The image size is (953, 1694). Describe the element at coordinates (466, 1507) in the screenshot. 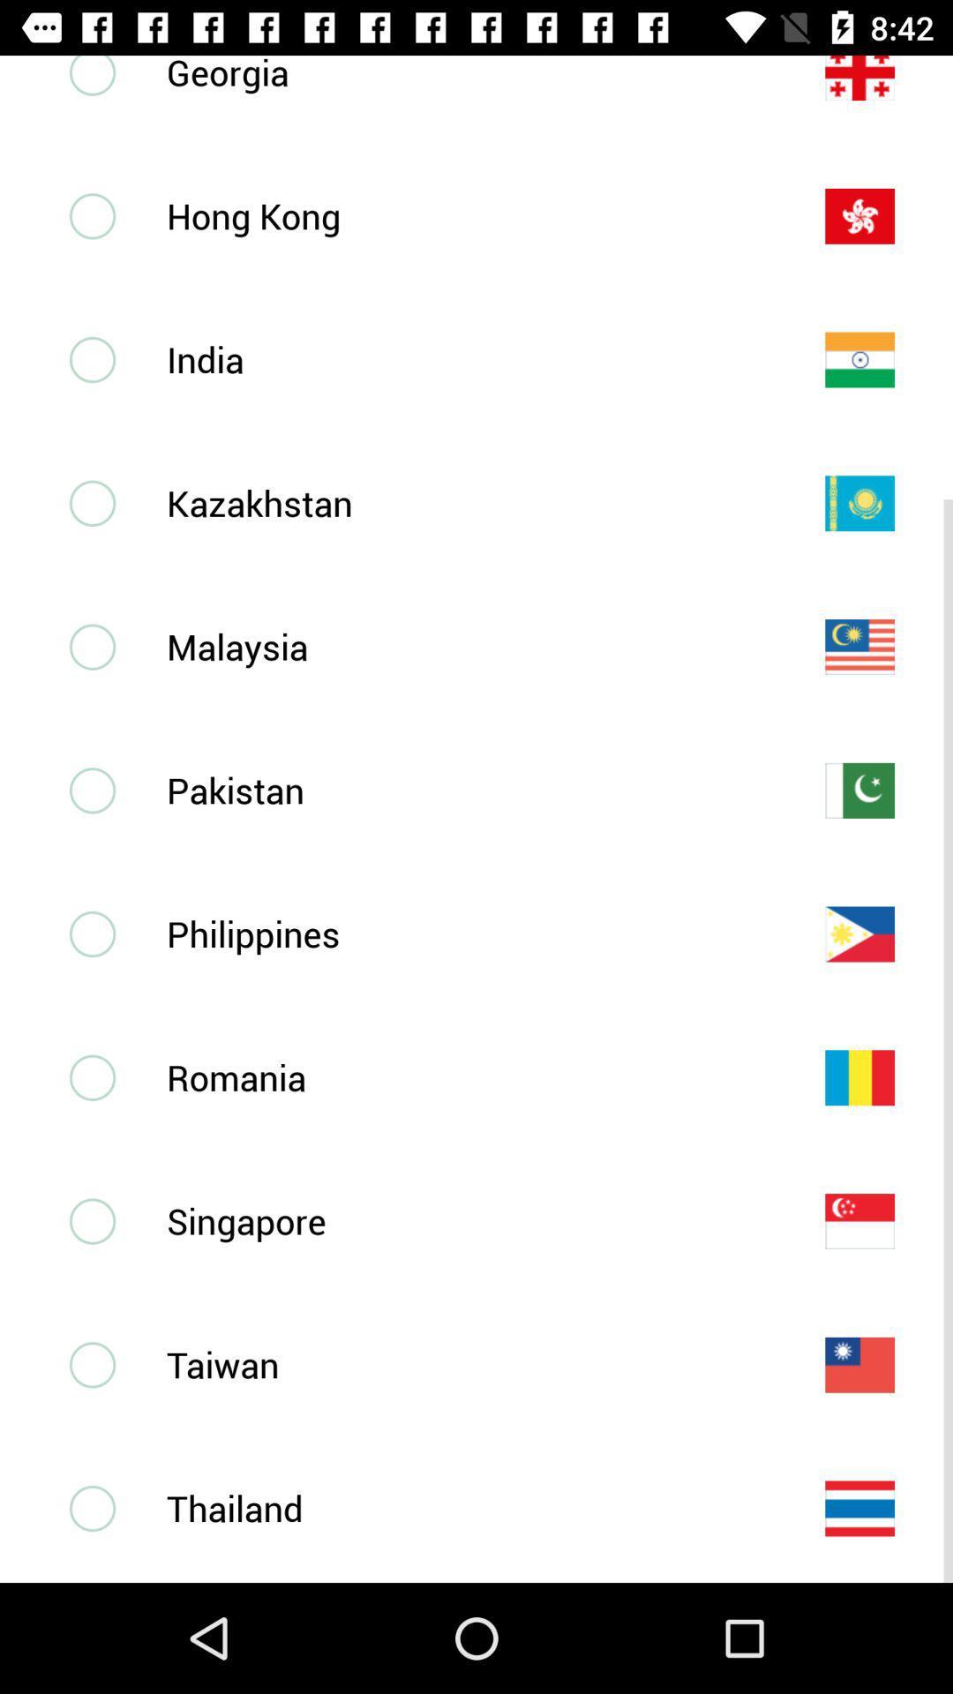

I see `the thailand item` at that location.